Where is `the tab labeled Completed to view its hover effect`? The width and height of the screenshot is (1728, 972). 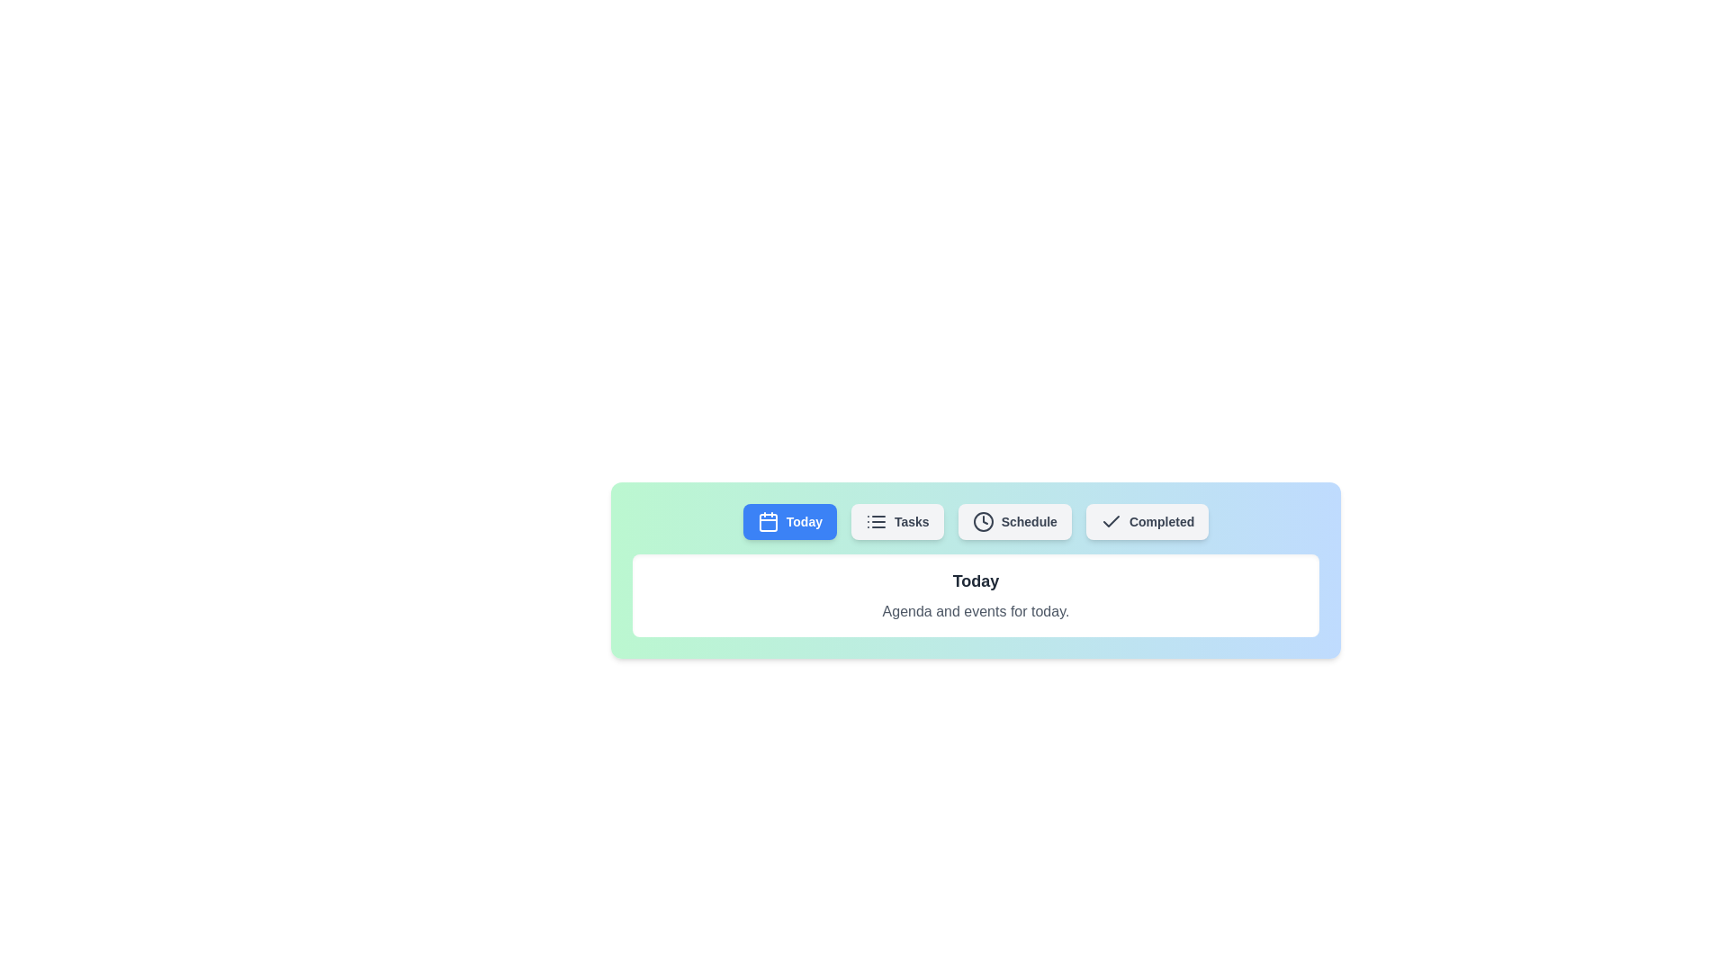 the tab labeled Completed to view its hover effect is located at coordinates (1147, 521).